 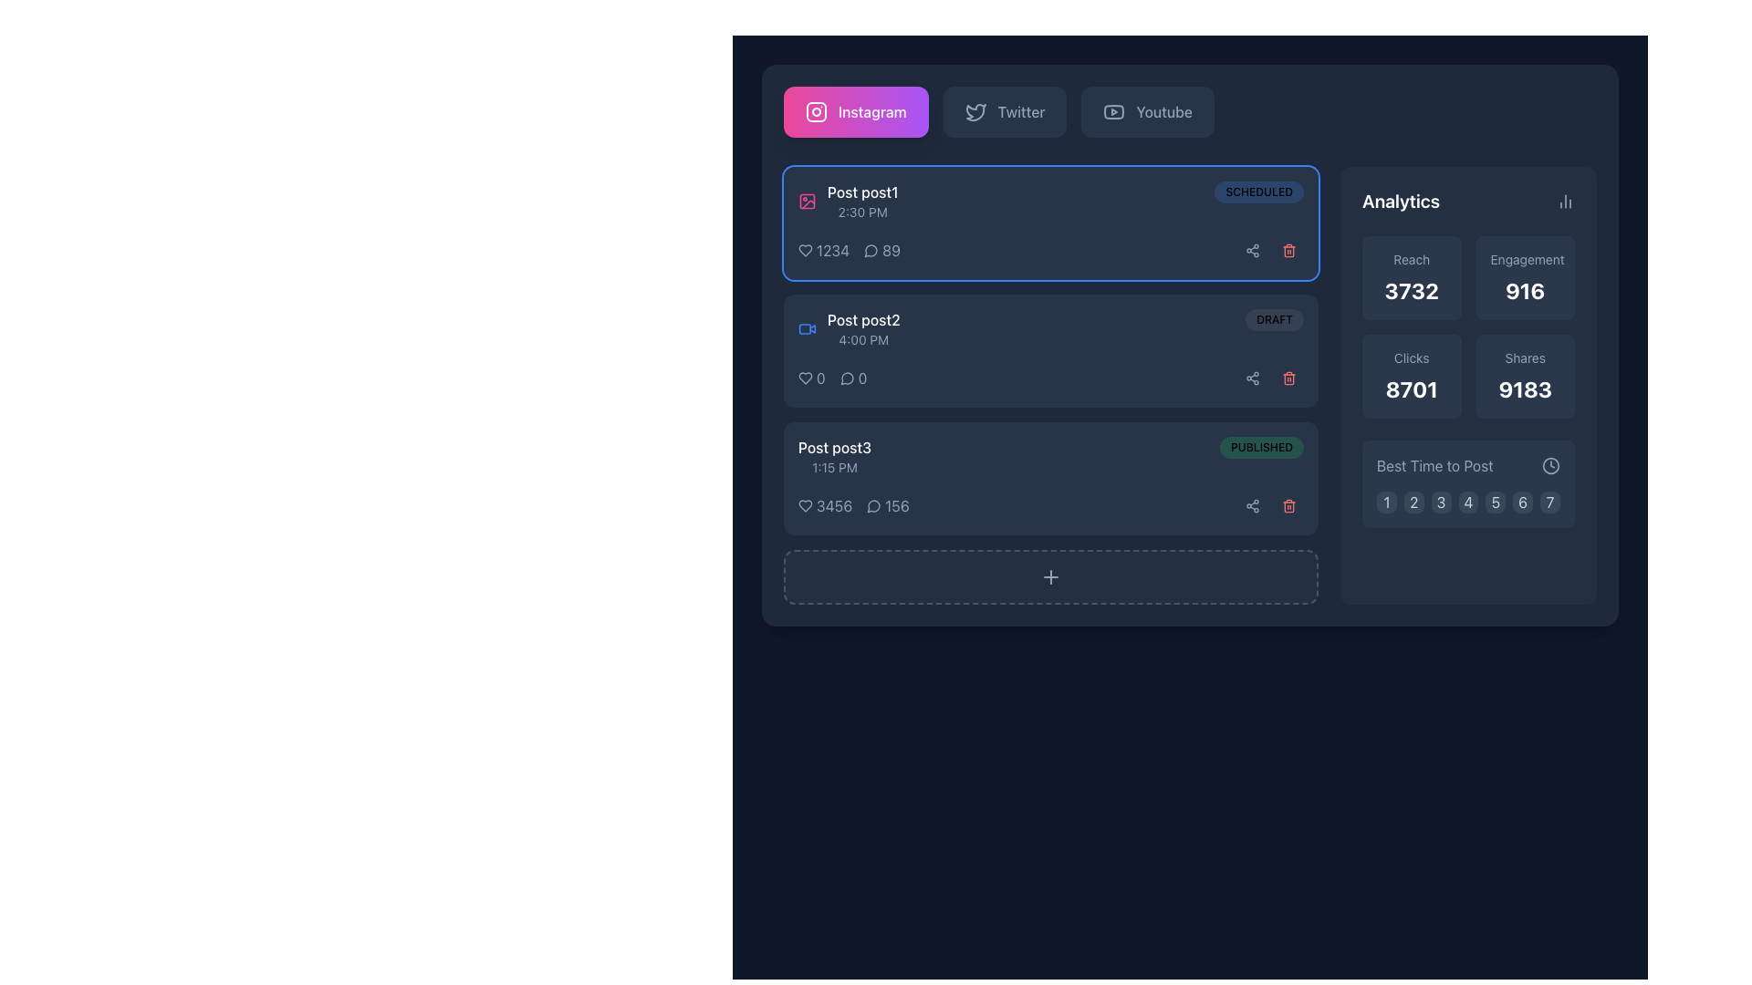 I want to click on the '+' icon button, which is styled in a minimalistic manner with a light-colored stroke, located at the bottom of the posts panel, so click(x=1051, y=576).